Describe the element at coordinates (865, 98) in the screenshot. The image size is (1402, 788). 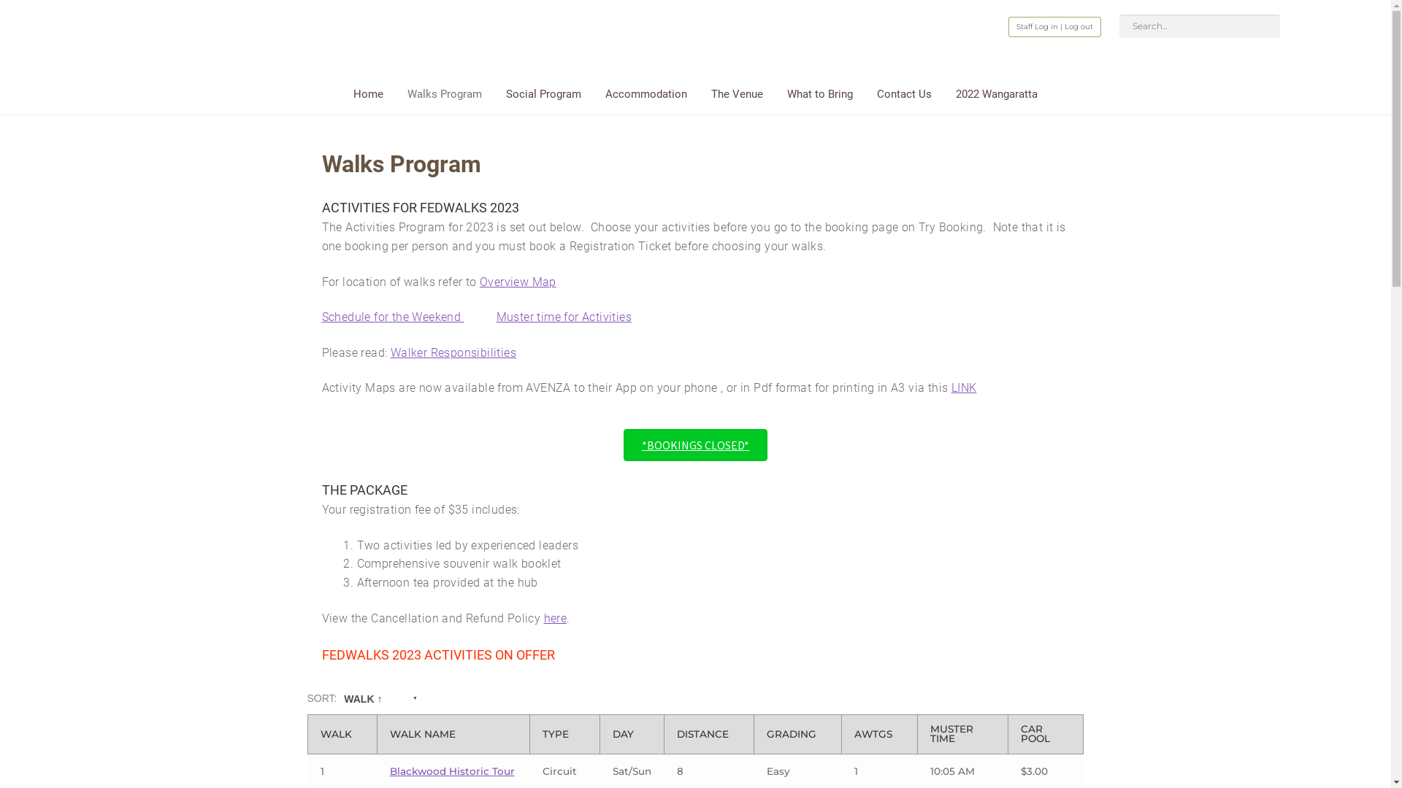
I see `'Contact Us'` at that location.